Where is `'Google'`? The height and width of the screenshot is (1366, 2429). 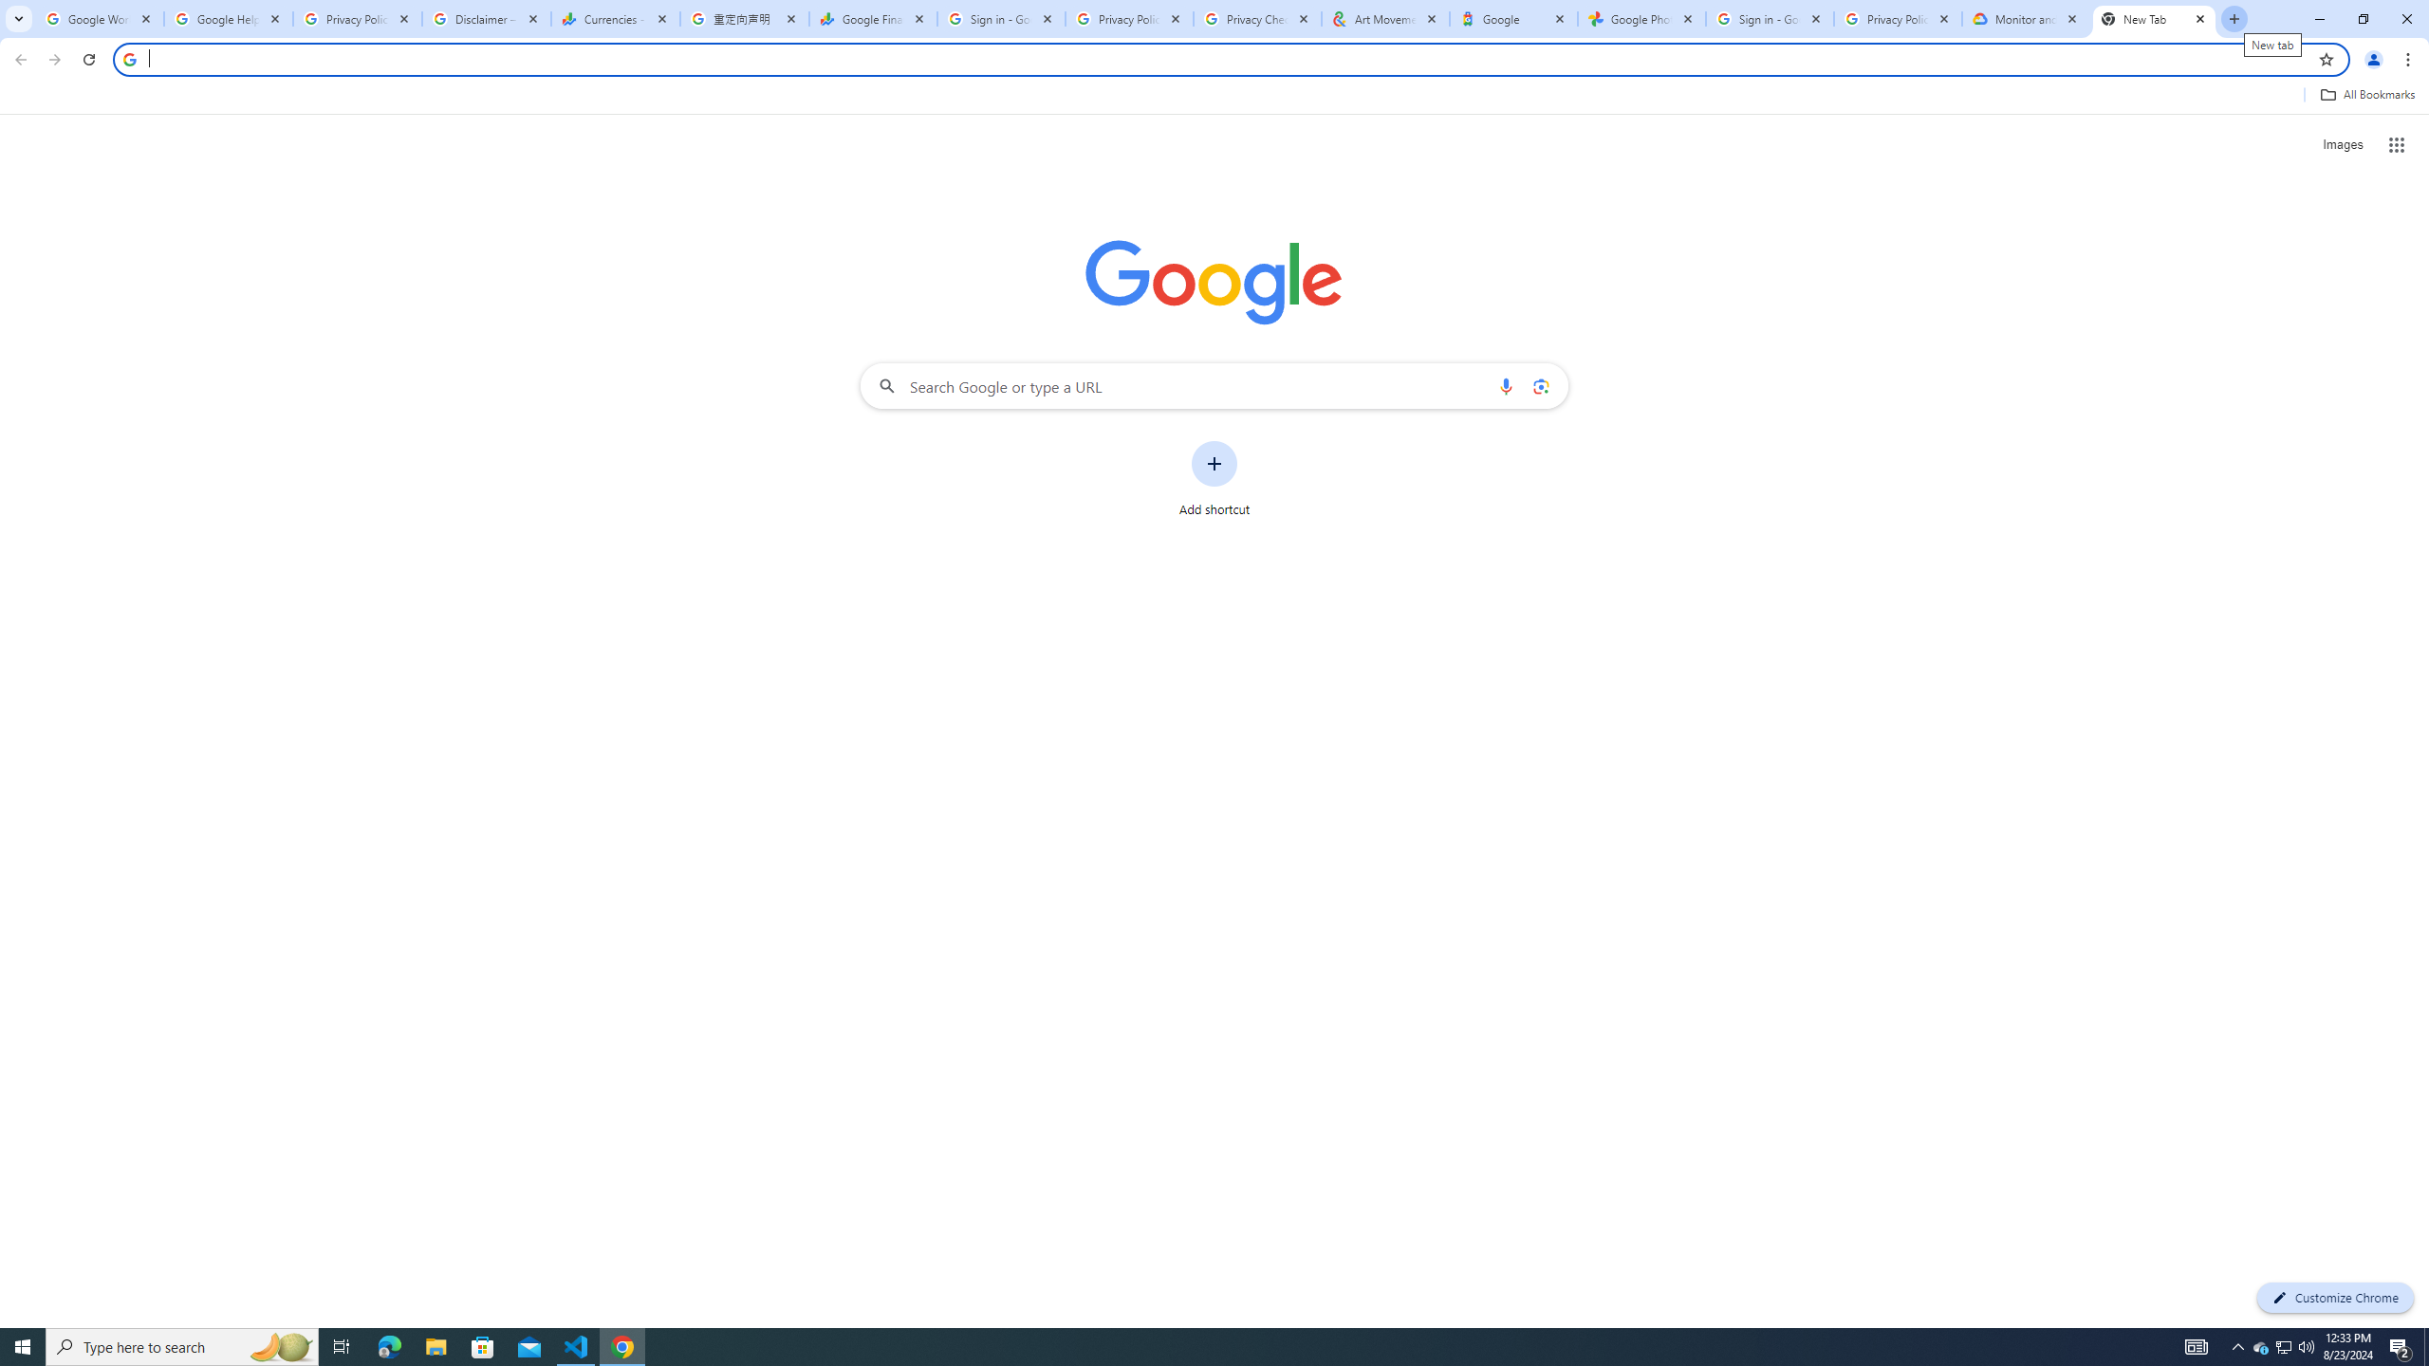 'Google' is located at coordinates (1511, 18).